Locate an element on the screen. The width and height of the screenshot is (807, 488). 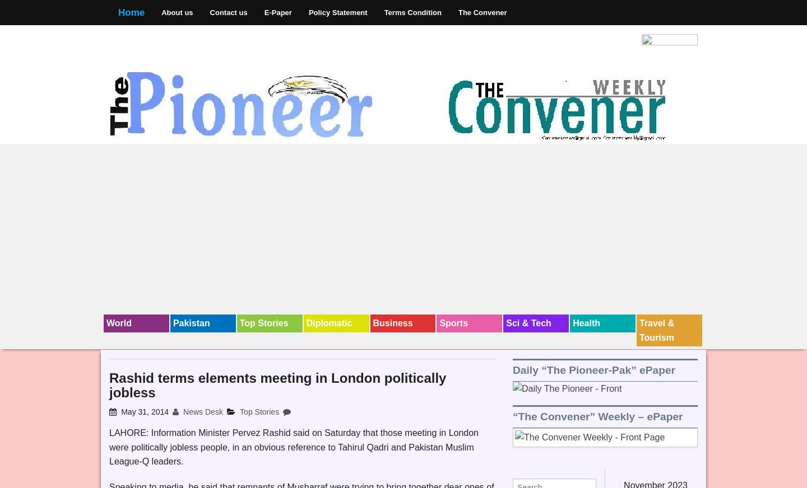
'LAHORE: Information Minister Pervez Rashid said on Saturday that those meeting in London were politically jobless people, in an obvious reference to Tahirul Qadri and Pakistan Muslim League-Q leaders.' is located at coordinates (293, 447).